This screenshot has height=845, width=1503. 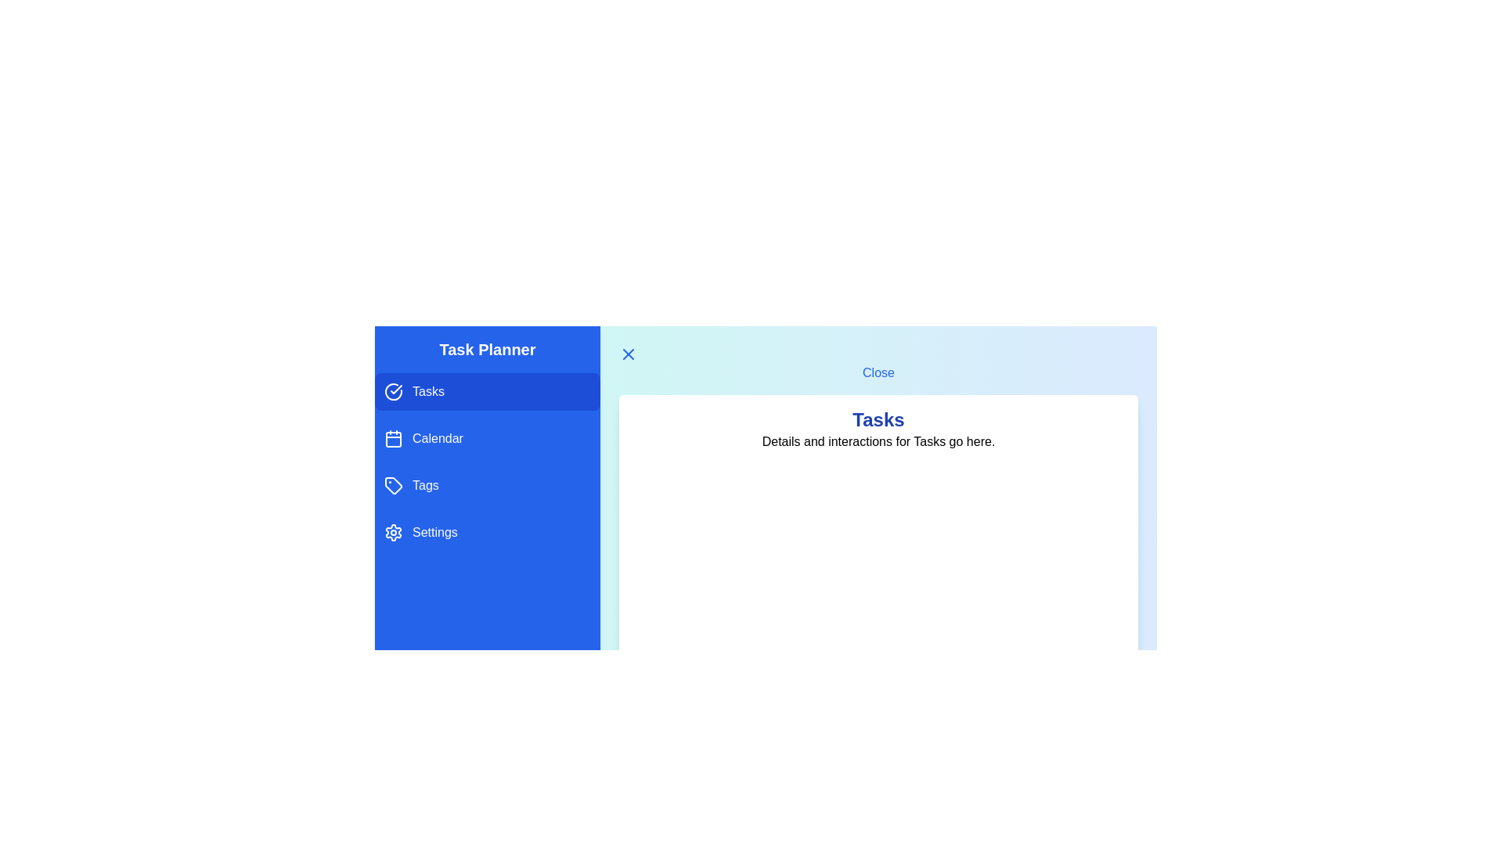 I want to click on the section Tasks from the drawer by clicking on it, so click(x=487, y=391).